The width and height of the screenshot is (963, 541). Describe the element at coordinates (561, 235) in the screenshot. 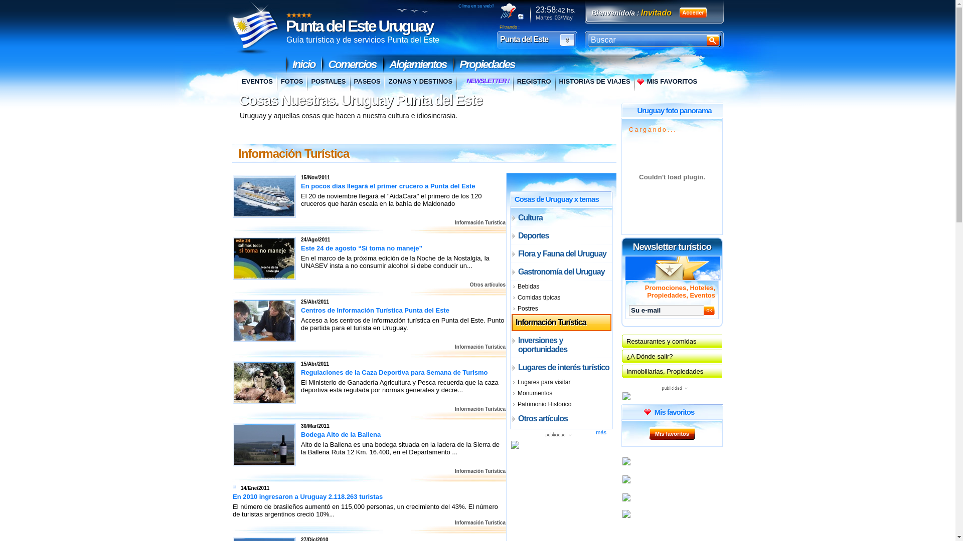

I see `'Deportes'` at that location.